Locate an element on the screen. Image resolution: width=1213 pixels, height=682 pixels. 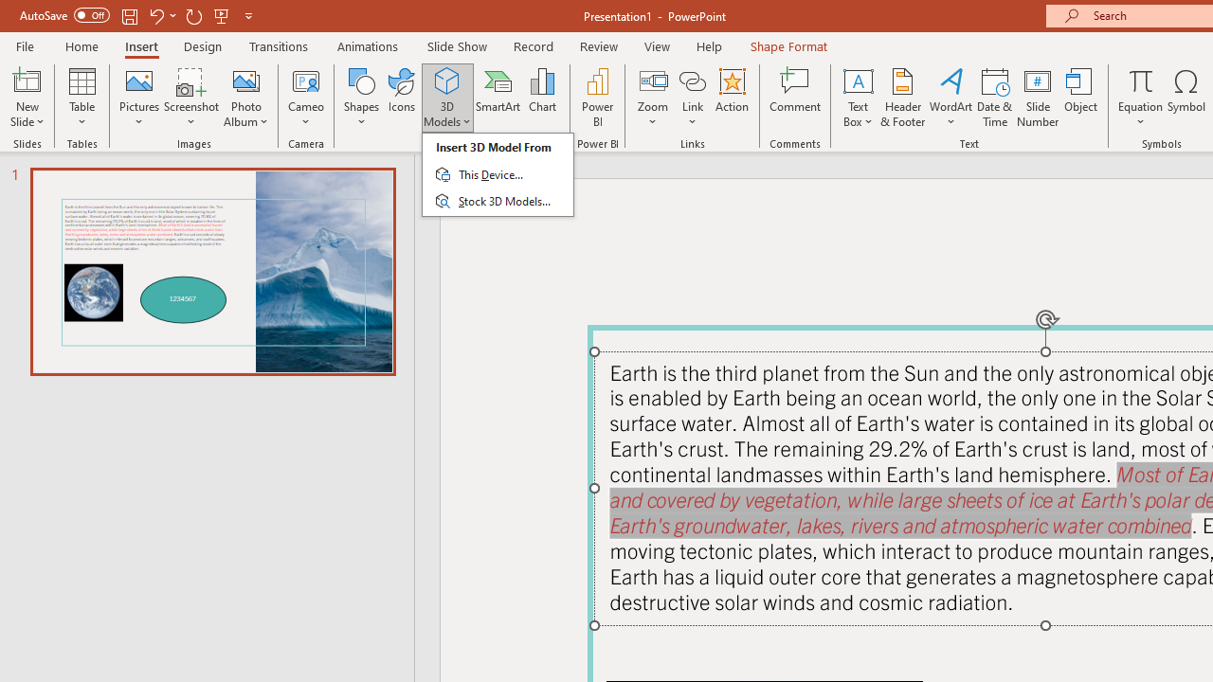
'Screenshot' is located at coordinates (191, 98).